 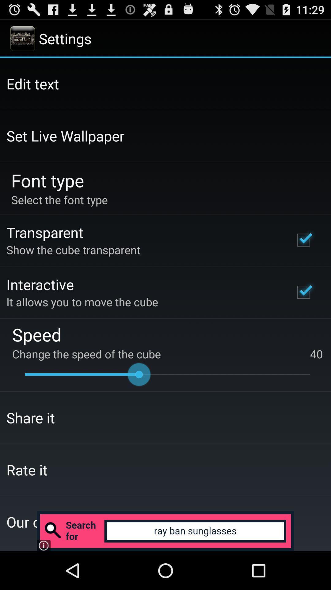 What do you see at coordinates (40, 284) in the screenshot?
I see `interactive icon` at bounding box center [40, 284].